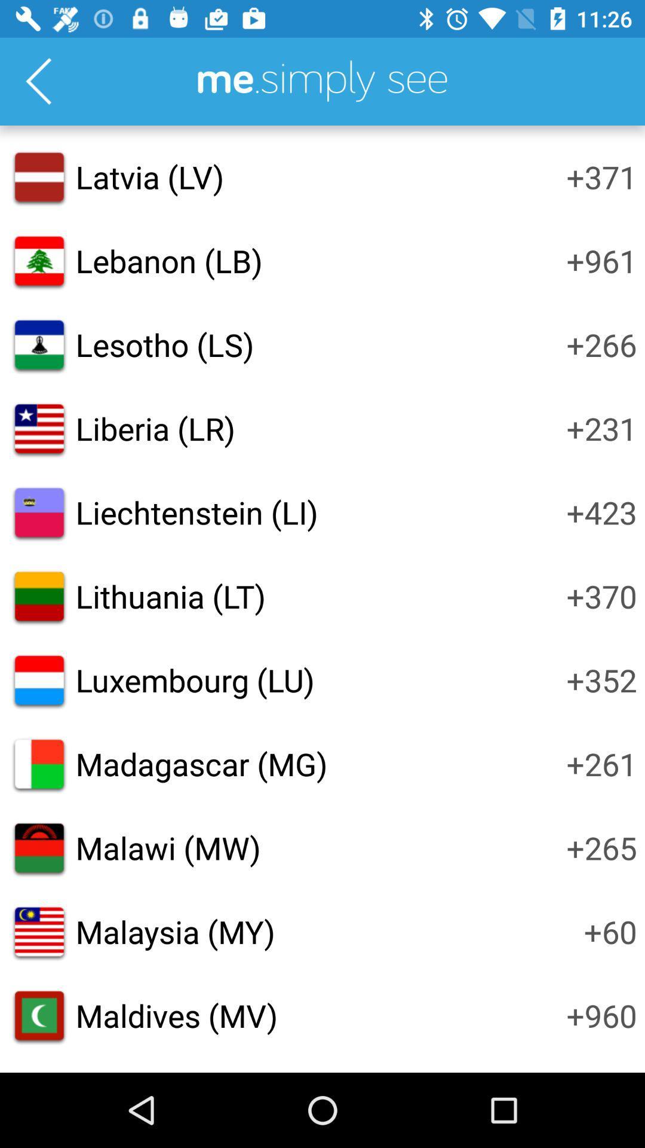 Image resolution: width=645 pixels, height=1148 pixels. I want to click on icon next to the malawi (mw), so click(601, 847).